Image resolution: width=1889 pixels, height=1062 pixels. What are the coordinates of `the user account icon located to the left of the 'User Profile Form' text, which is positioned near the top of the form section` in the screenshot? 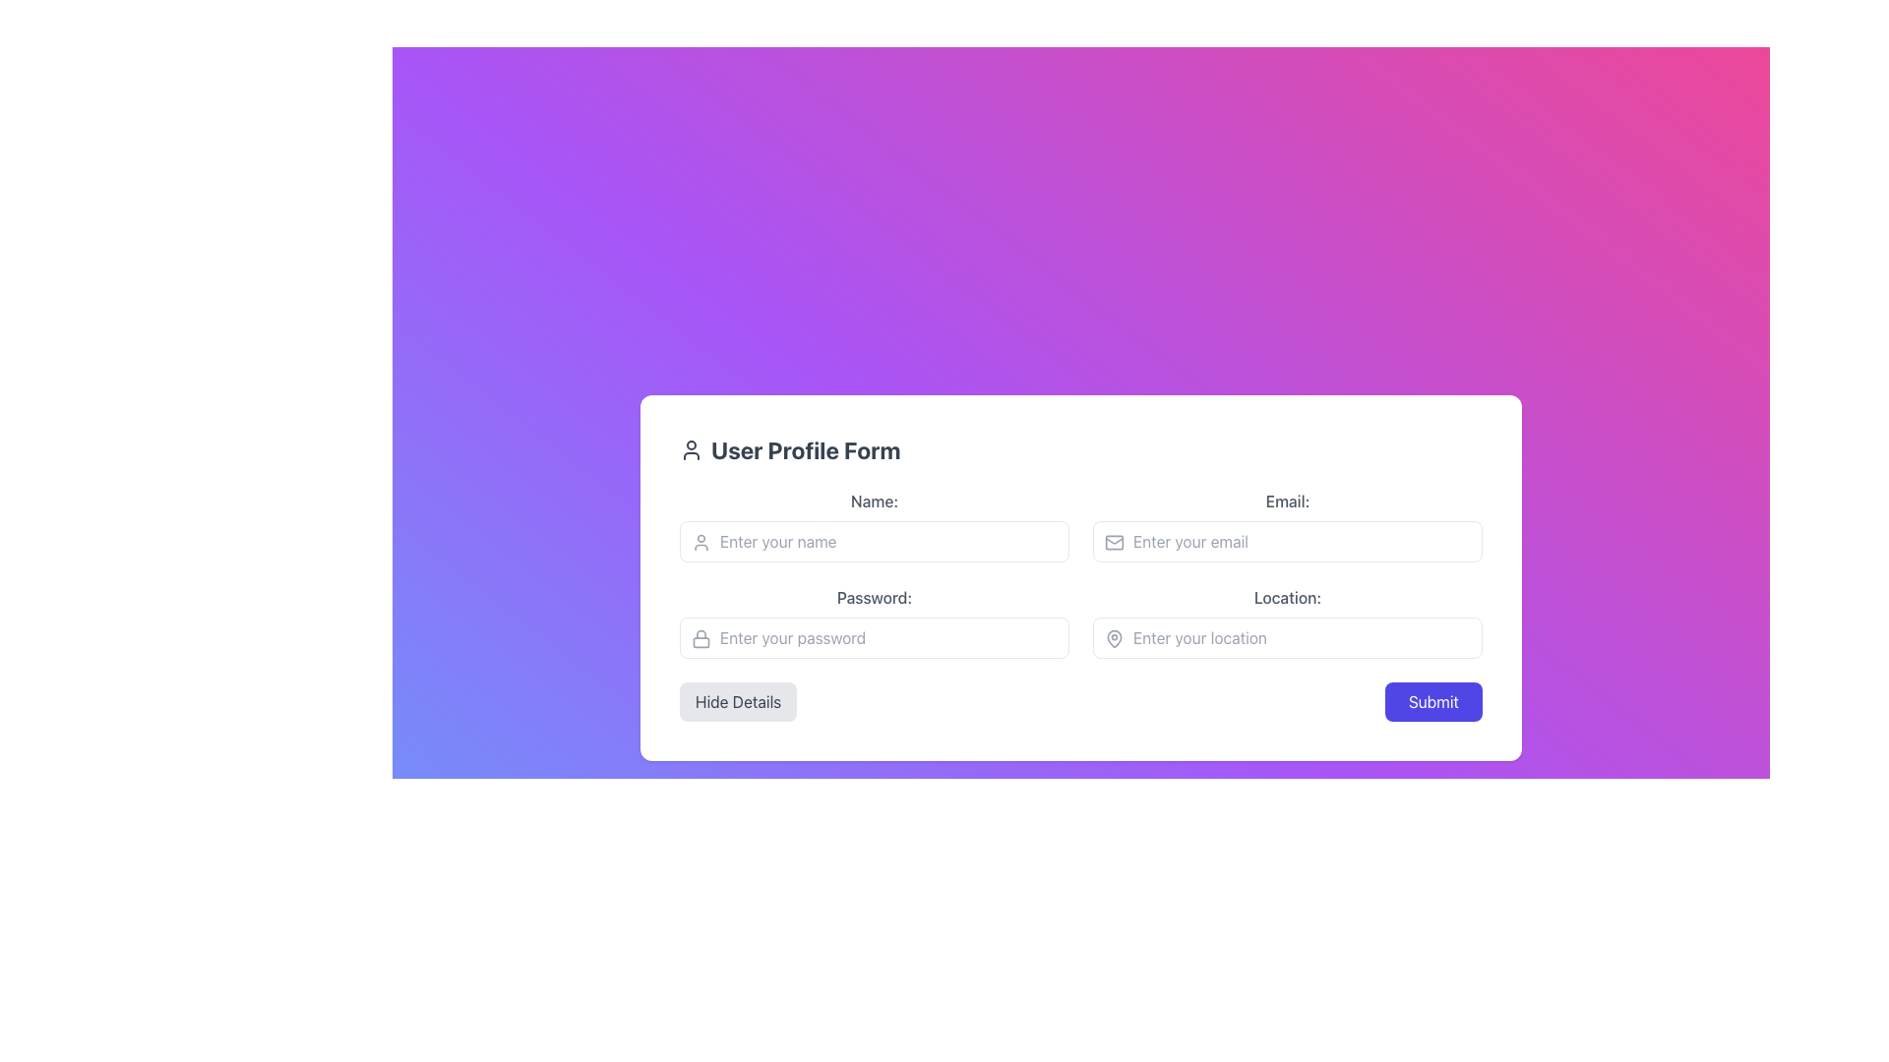 It's located at (691, 450).